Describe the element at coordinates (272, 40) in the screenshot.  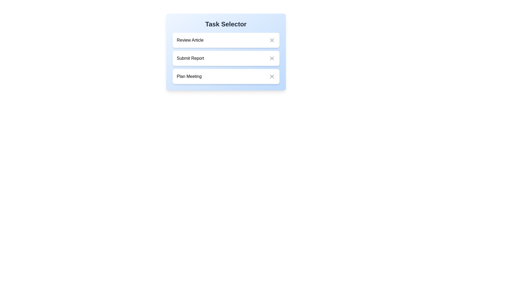
I see `the 'close' icon button located at the top-right corner of the panel containing the text 'Review Article'` at that location.